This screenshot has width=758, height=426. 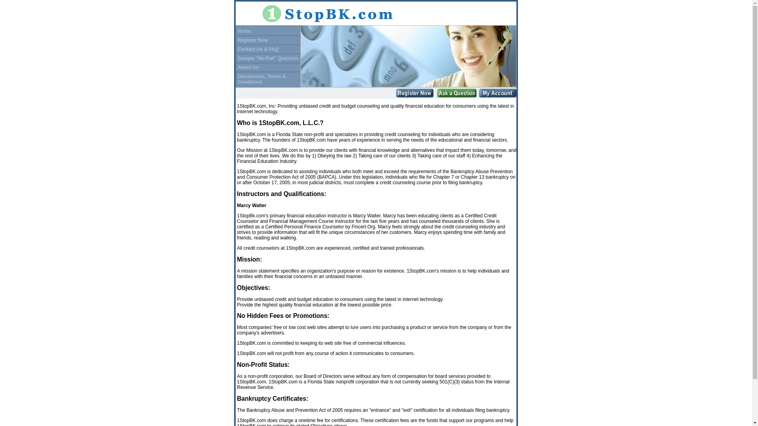 I want to click on 'Register Now', so click(x=253, y=39).